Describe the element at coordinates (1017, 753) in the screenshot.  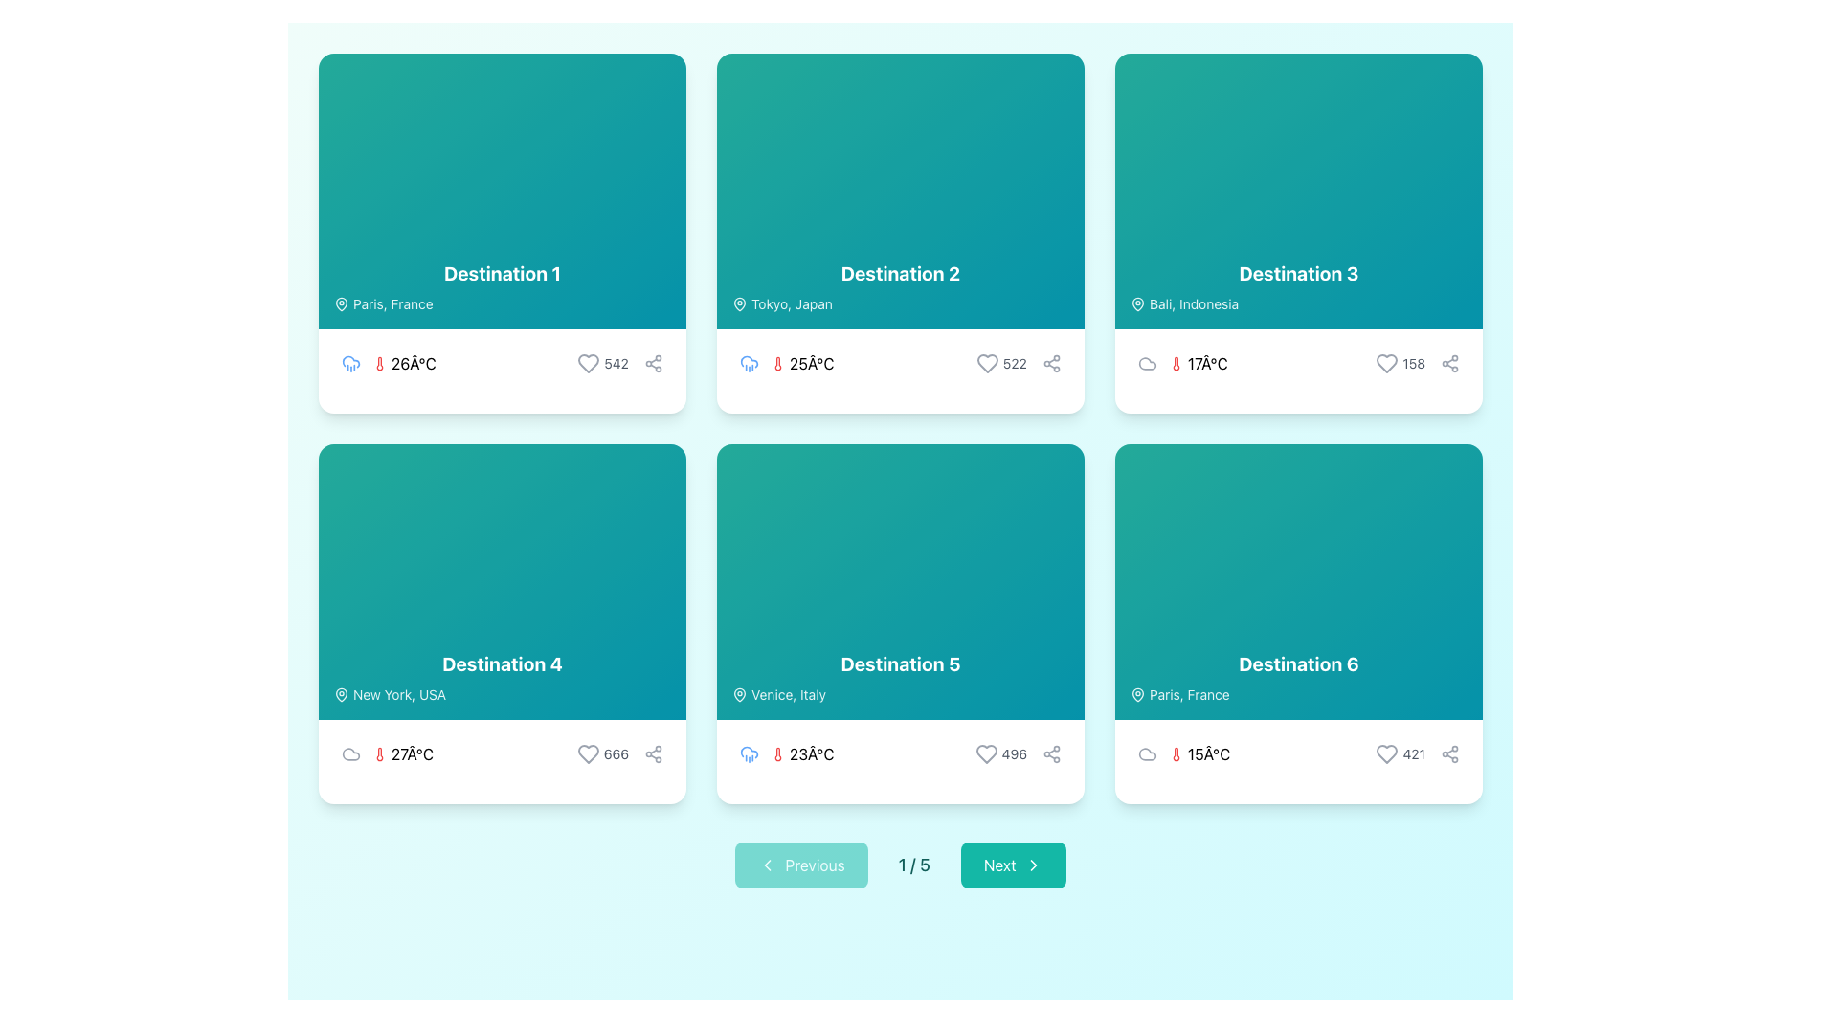
I see `the static text '496' located at the bottom-right corner of the 'Destination 5' card, situated between a heart icon and a share icon` at that location.